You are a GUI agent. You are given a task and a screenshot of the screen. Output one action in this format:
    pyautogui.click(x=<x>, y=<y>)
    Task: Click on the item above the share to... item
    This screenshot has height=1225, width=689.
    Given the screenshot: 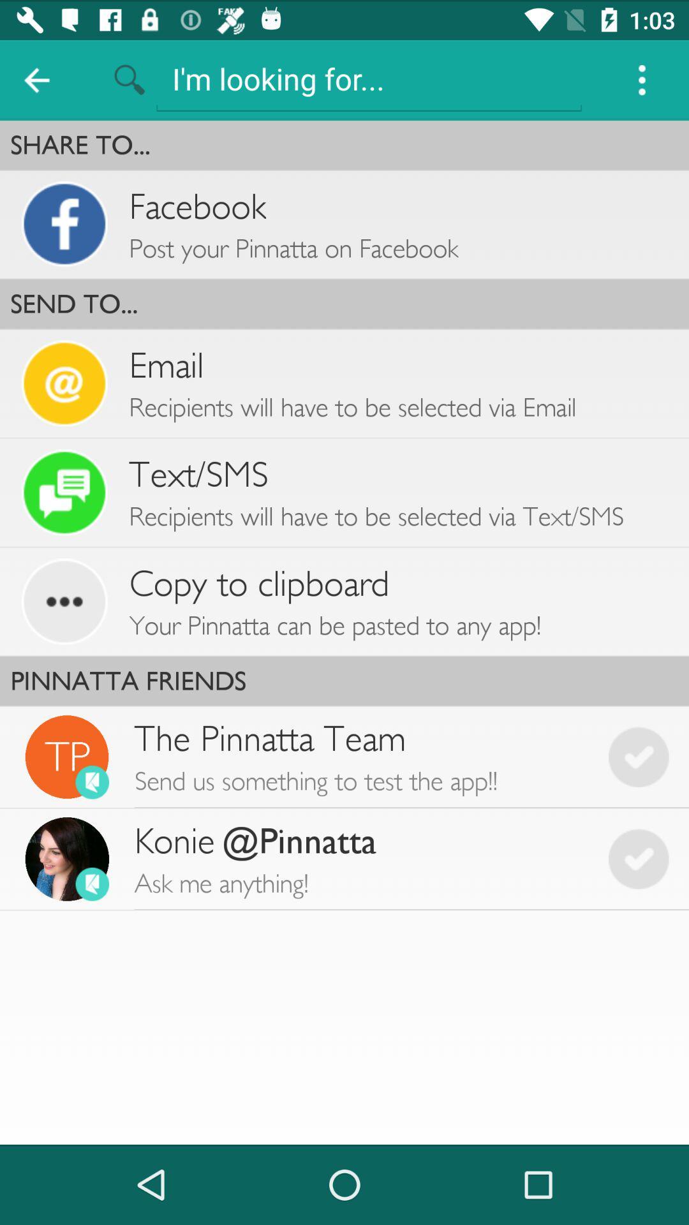 What is the action you would take?
    pyautogui.click(x=369, y=78)
    